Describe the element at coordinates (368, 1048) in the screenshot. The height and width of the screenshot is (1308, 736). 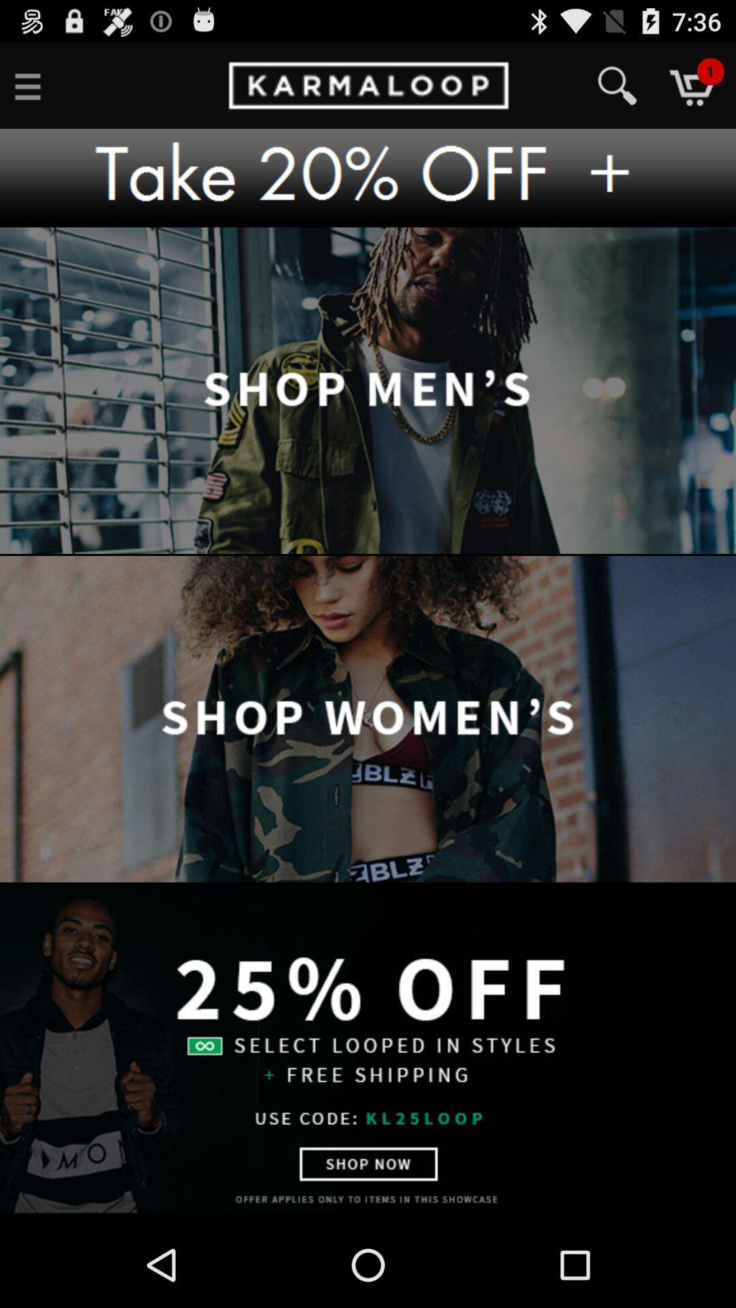
I see `25 off use code kl25loop` at that location.